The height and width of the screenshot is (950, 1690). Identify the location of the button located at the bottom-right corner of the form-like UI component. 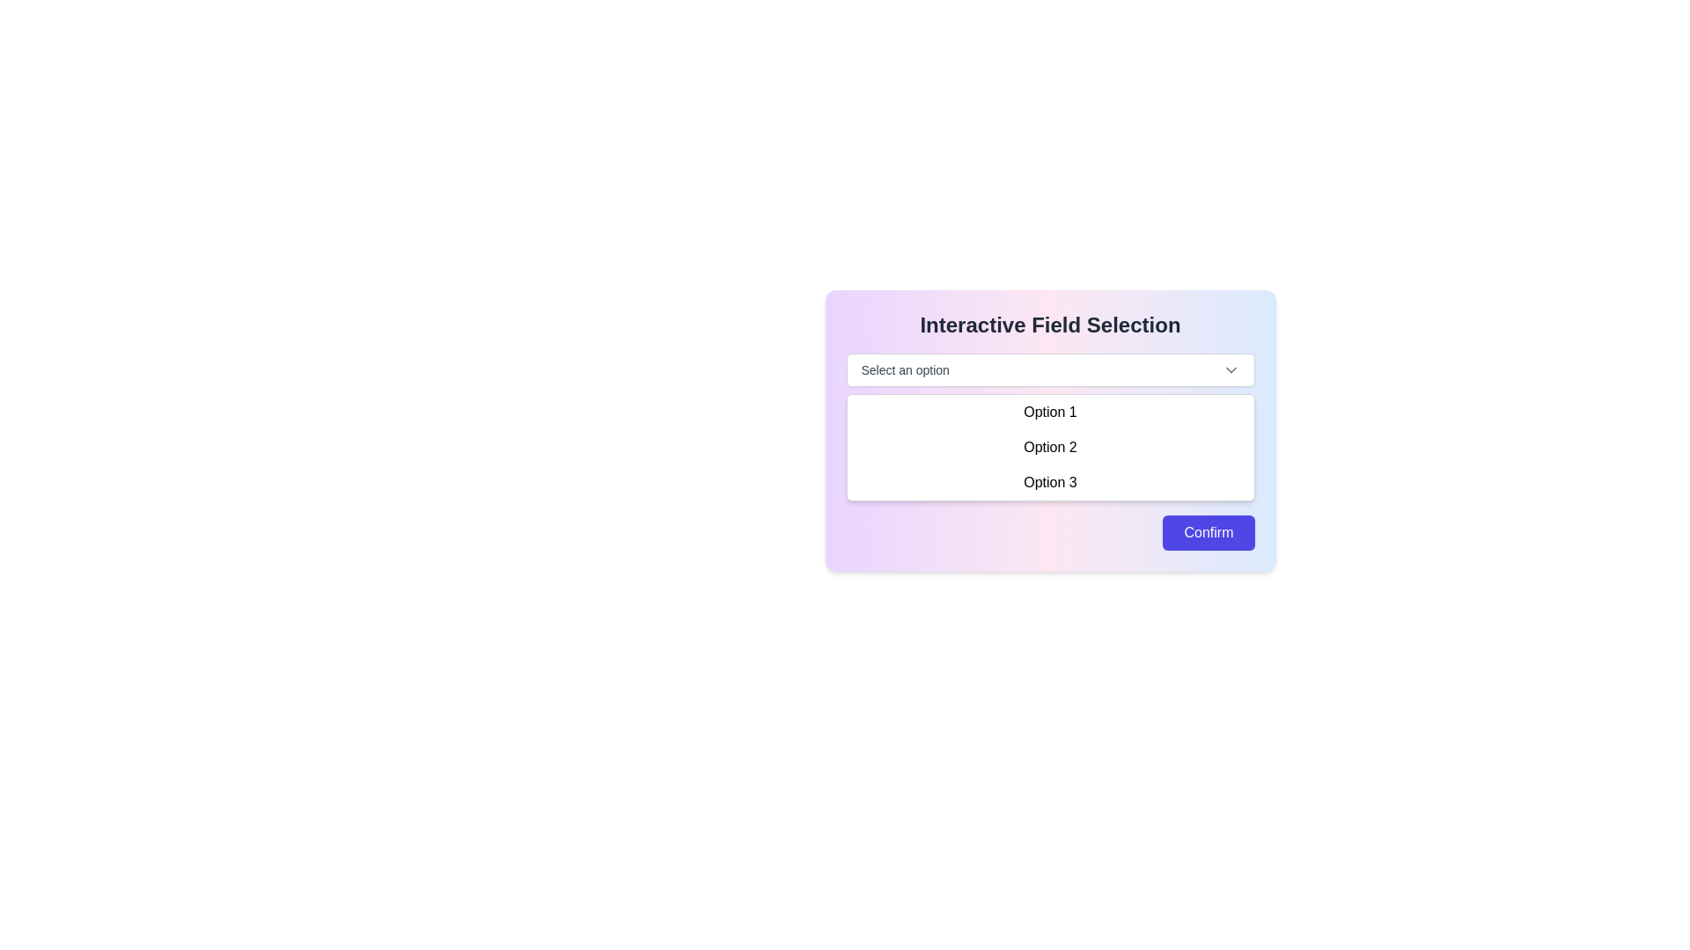
(1208, 531).